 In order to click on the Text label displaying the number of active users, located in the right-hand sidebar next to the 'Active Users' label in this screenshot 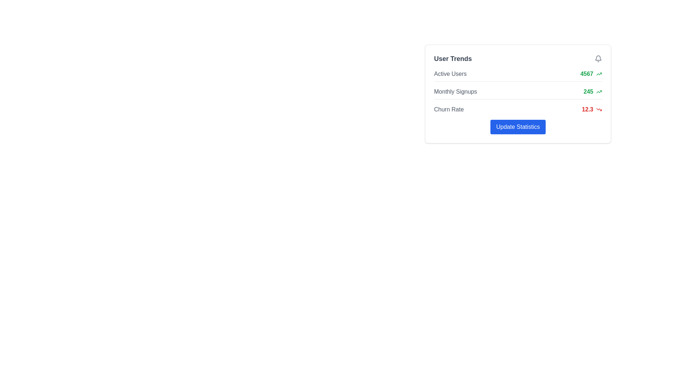, I will do `click(591, 74)`.